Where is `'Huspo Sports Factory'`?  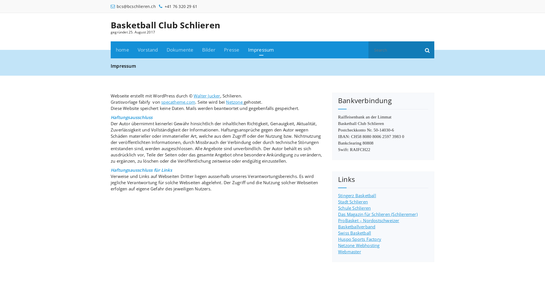
'Huspo Sports Factory' is located at coordinates (359, 239).